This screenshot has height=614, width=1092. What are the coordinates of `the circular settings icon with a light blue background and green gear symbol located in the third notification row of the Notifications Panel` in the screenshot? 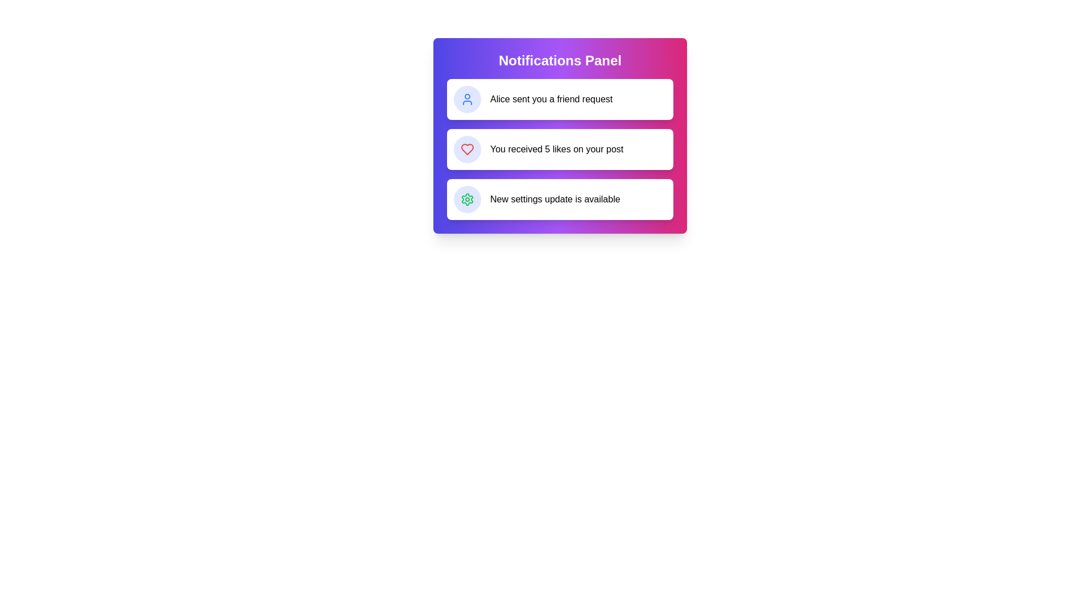 It's located at (467, 199).